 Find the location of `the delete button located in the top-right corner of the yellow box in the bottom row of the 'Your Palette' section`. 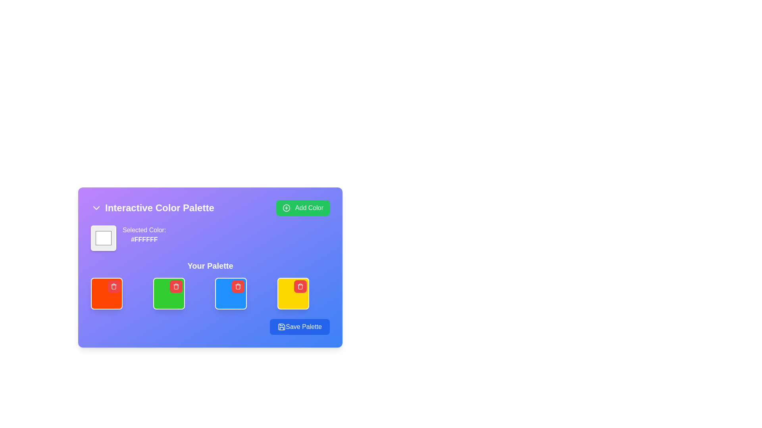

the delete button located in the top-right corner of the yellow box in the bottom row of the 'Your Palette' section is located at coordinates (300, 286).